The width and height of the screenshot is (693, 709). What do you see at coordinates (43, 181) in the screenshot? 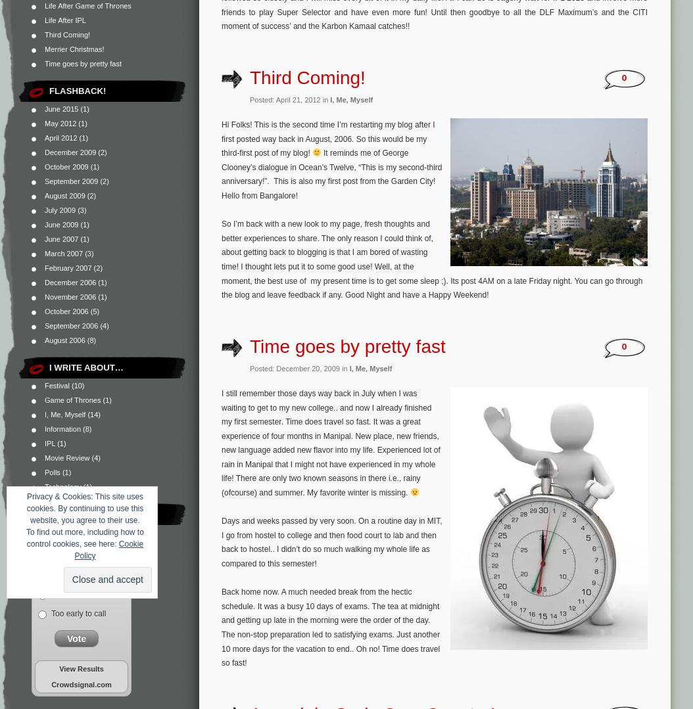
I see `'September 2009'` at bounding box center [43, 181].